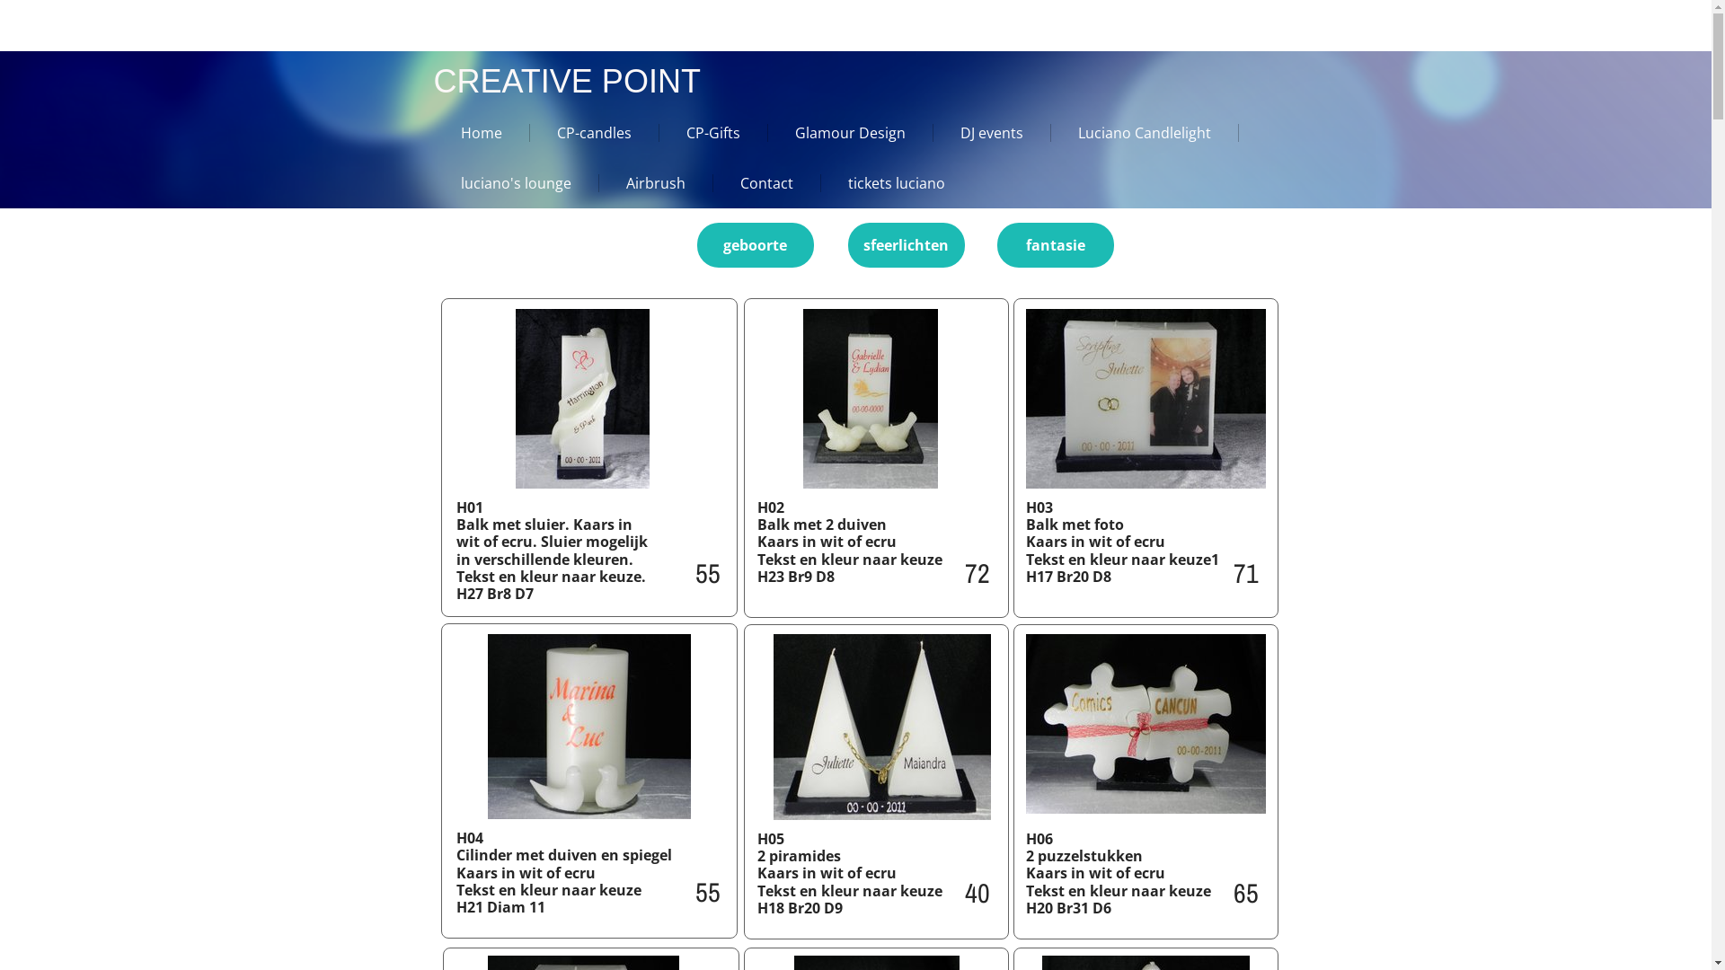 Image resolution: width=1725 pixels, height=970 pixels. I want to click on 'tickets luciano', so click(884, 183).